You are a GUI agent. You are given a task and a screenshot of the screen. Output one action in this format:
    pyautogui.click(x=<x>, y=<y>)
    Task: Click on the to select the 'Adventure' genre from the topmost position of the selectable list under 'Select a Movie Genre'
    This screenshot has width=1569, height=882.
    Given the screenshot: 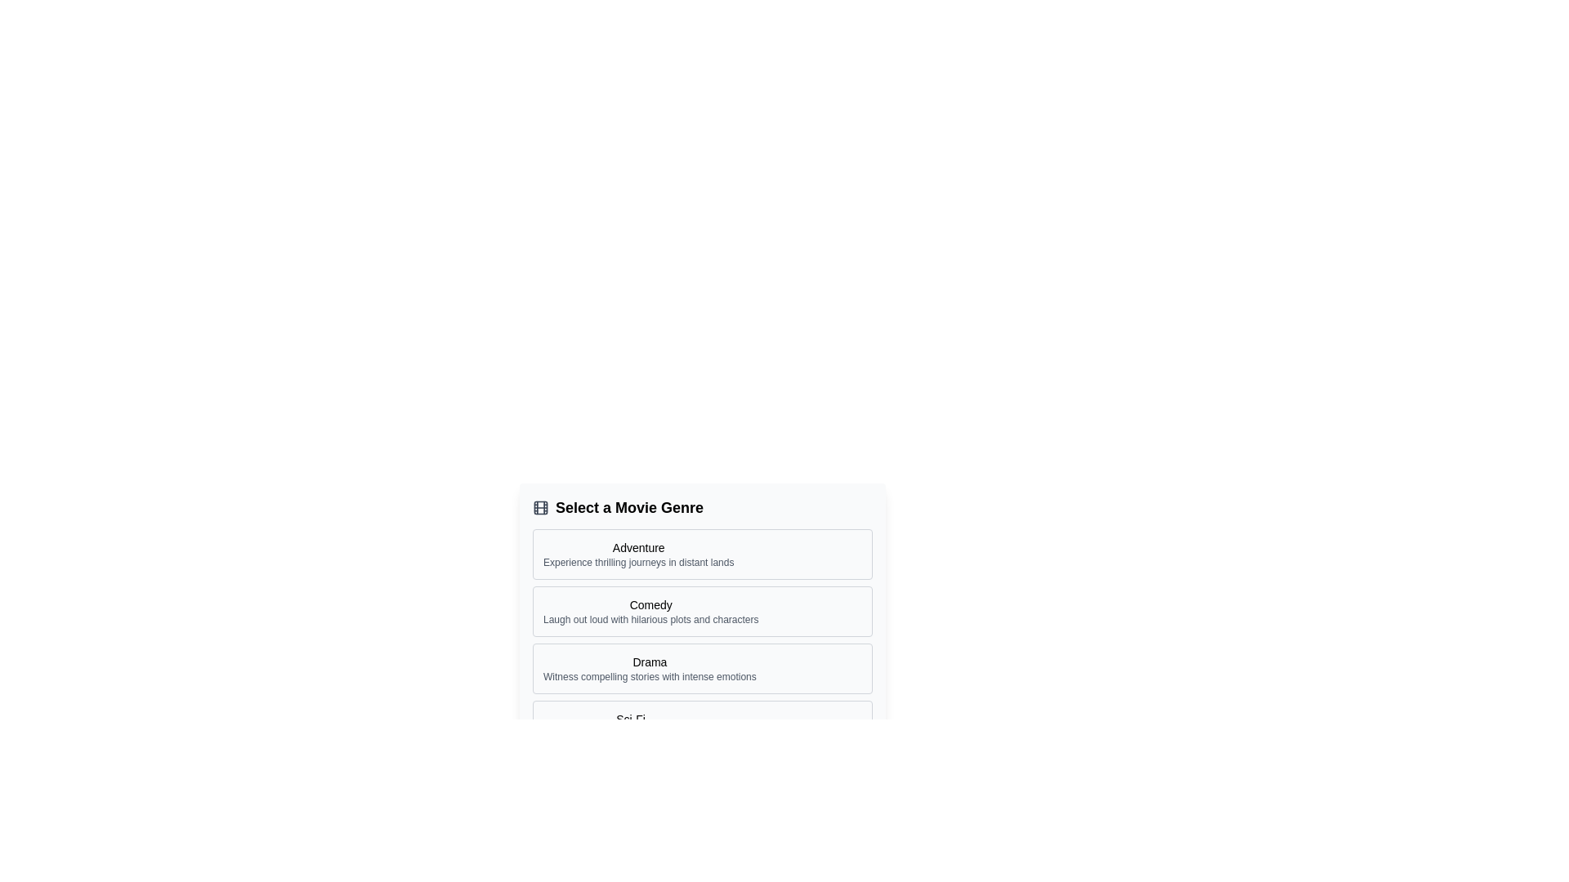 What is the action you would take?
    pyautogui.click(x=702, y=553)
    